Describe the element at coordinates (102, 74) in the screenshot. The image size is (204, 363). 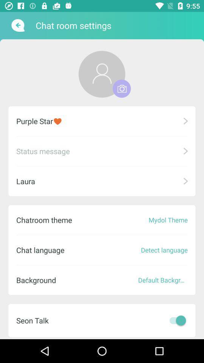
I see `profile picture` at that location.